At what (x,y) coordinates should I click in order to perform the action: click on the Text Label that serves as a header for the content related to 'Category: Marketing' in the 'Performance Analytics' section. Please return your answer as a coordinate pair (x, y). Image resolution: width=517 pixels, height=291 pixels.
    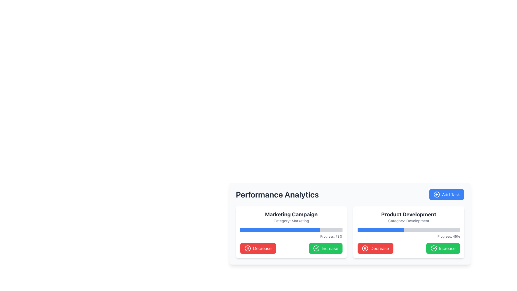
    Looking at the image, I should click on (291, 214).